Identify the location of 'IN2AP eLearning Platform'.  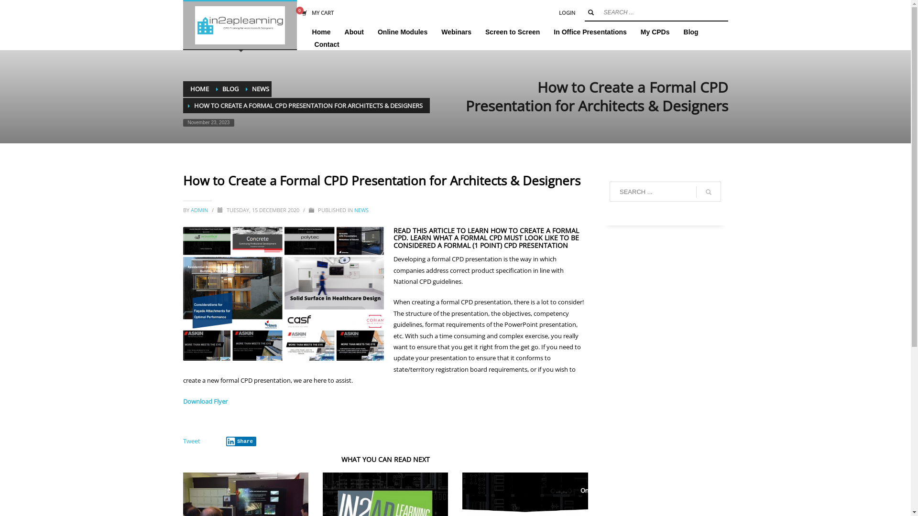
(240, 25).